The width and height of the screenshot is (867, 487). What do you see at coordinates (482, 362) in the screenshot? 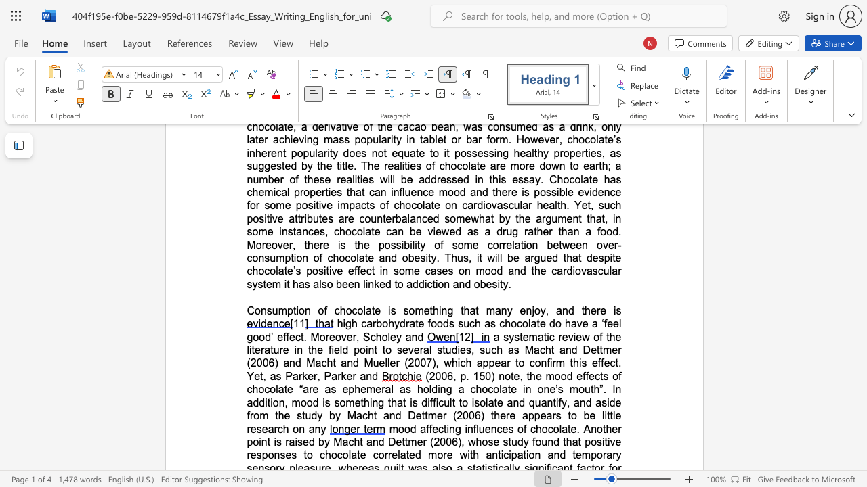
I see `the subset text "ppear to confir" within the text "appear to confirm"` at bounding box center [482, 362].